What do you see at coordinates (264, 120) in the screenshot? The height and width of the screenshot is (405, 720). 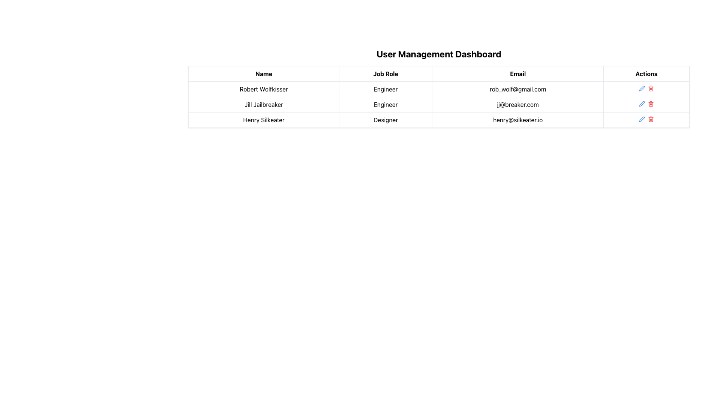 I see `the static text label displaying 'Henry Silkeater' in the third row of the table under the 'Name' column` at bounding box center [264, 120].